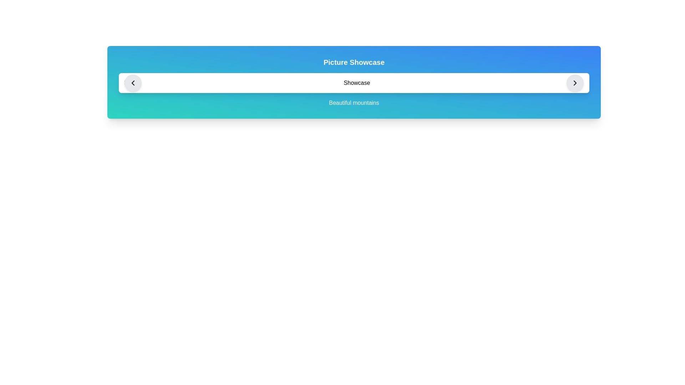 The width and height of the screenshot is (685, 385). What do you see at coordinates (575, 82) in the screenshot?
I see `the right-pointing chevron icon inside the circular button at the far right of the horizontal bar` at bounding box center [575, 82].